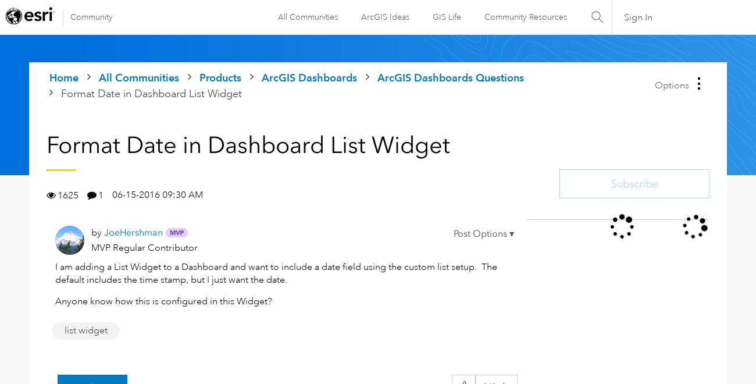  Describe the element at coordinates (672, 84) in the screenshot. I see `'Options'` at that location.